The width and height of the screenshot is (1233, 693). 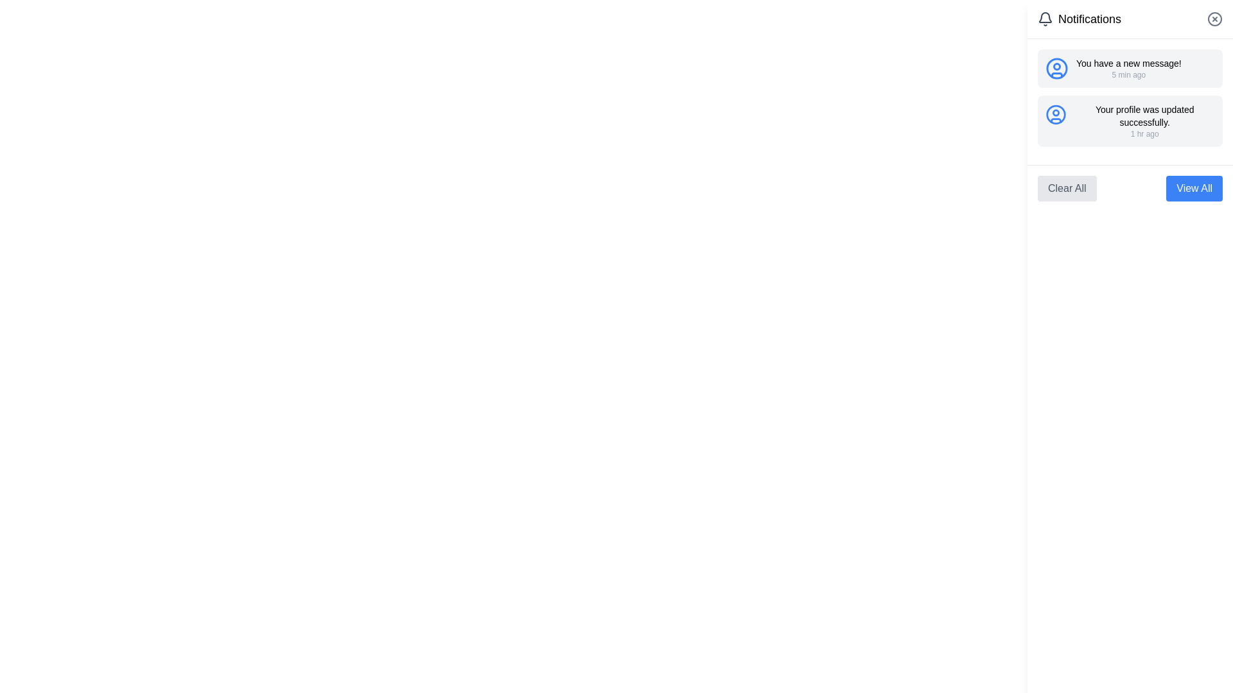 What do you see at coordinates (1057, 69) in the screenshot?
I see `the circular icon with a blue outline and user profile symbol located to the left of the text 'You have a new message!' in the notification box` at bounding box center [1057, 69].